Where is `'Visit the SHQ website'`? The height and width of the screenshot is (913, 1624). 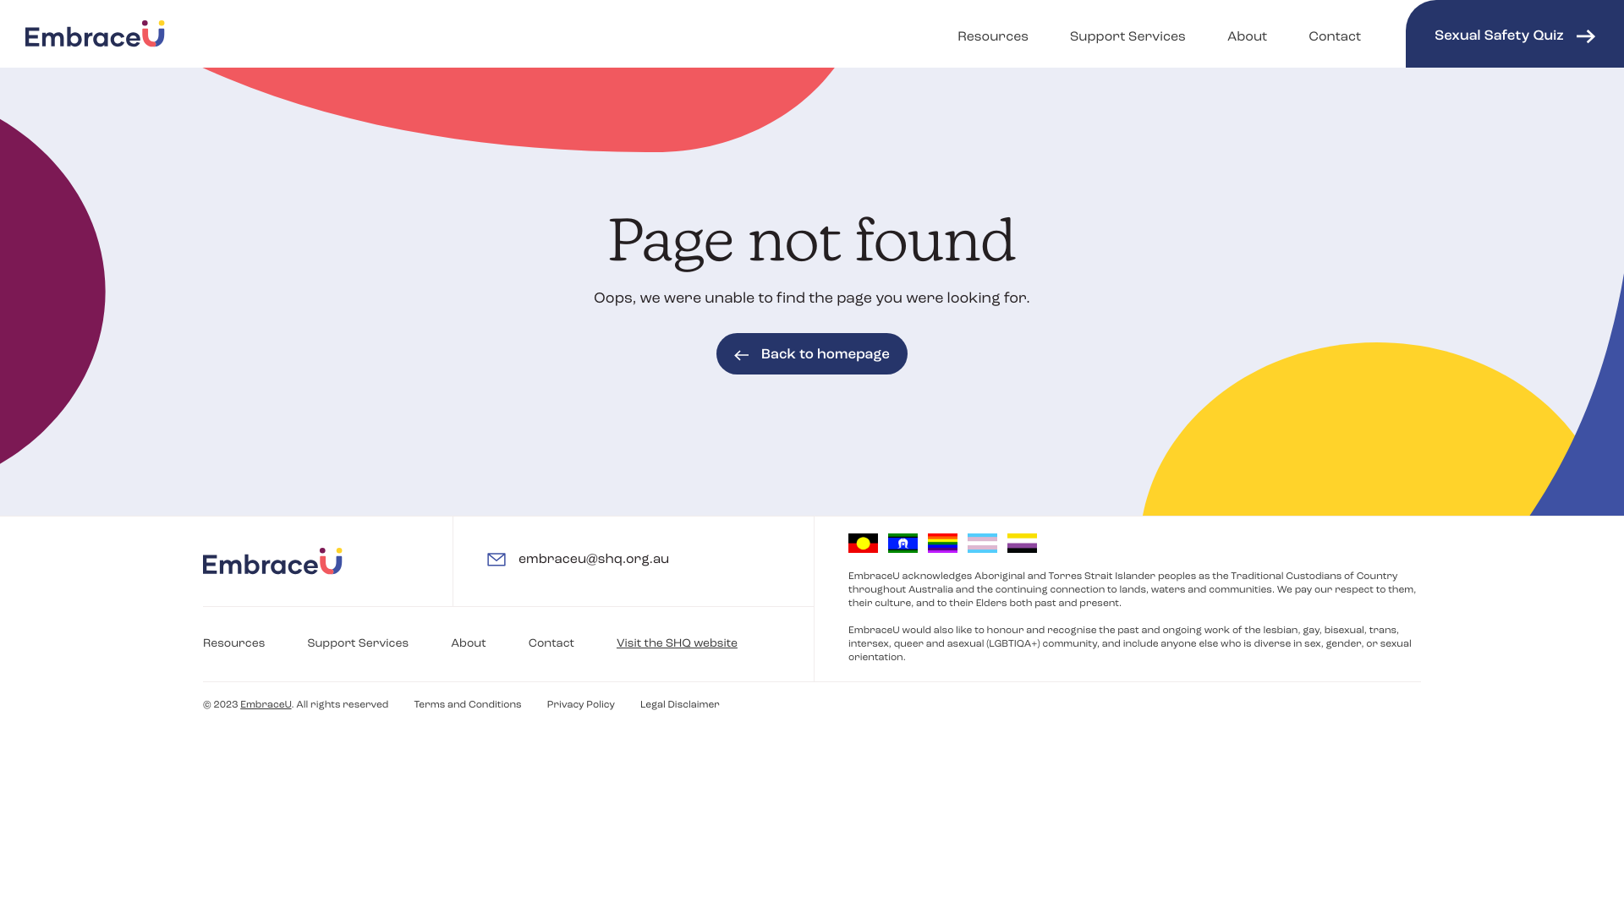 'Visit the SHQ website' is located at coordinates (677, 643).